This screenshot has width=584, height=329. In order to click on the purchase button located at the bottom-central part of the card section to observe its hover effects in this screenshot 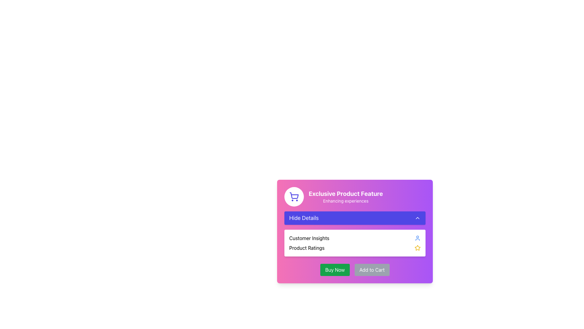, I will do `click(335, 270)`.